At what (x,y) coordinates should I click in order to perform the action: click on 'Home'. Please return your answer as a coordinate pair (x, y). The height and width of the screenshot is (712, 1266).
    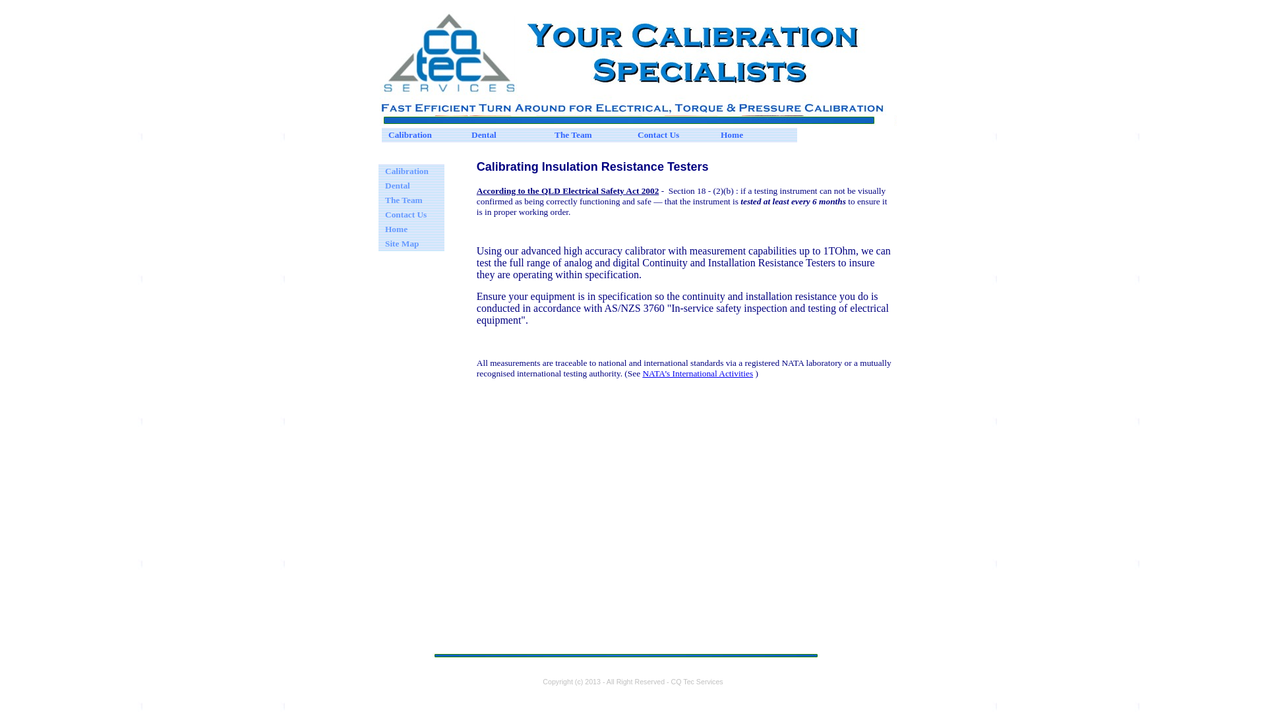
    Looking at the image, I should click on (756, 134).